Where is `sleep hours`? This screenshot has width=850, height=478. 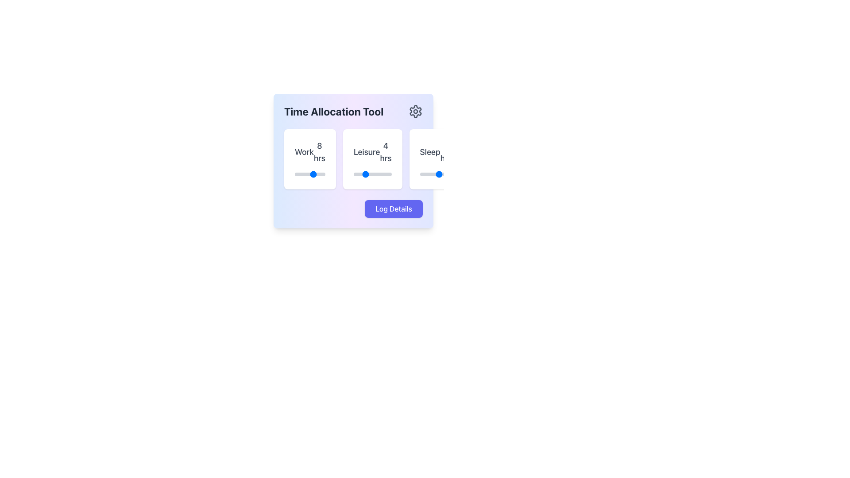
sleep hours is located at coordinates (425, 174).